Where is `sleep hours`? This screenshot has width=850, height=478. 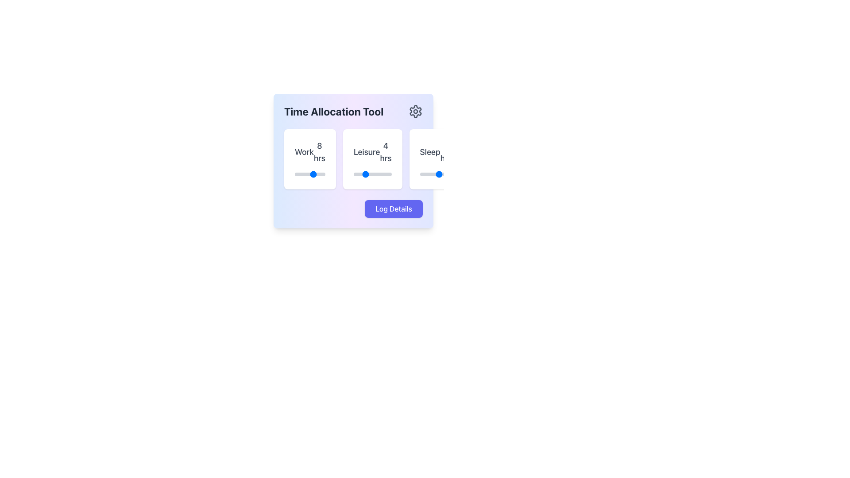
sleep hours is located at coordinates (425, 174).